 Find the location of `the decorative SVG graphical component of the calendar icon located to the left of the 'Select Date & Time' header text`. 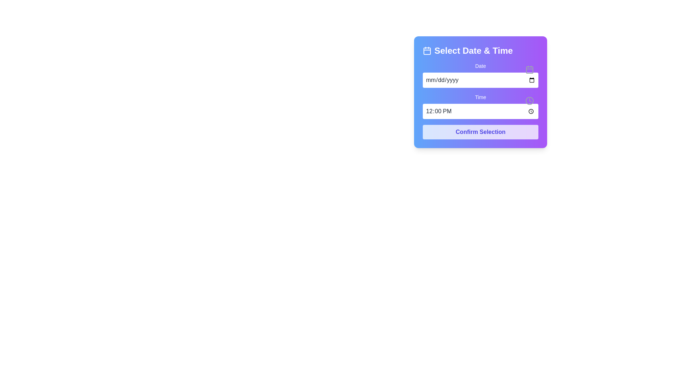

the decorative SVG graphical component of the calendar icon located to the left of the 'Select Date & Time' header text is located at coordinates (427, 51).